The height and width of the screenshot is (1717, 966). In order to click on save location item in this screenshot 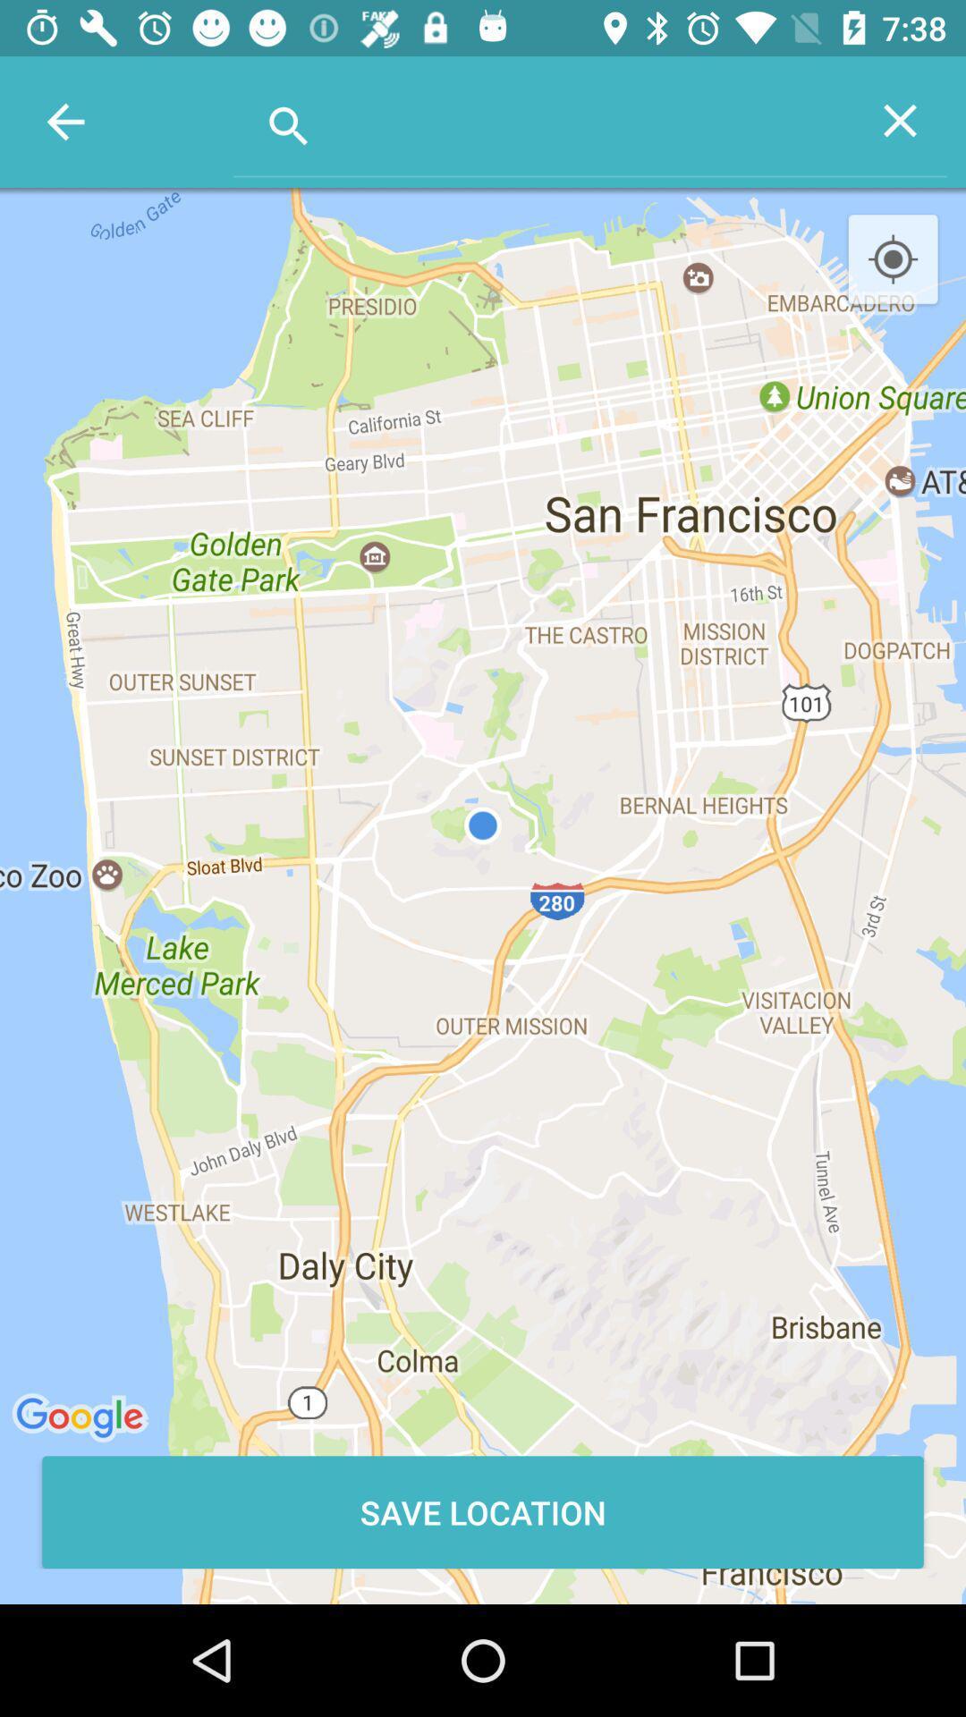, I will do `click(483, 1511)`.